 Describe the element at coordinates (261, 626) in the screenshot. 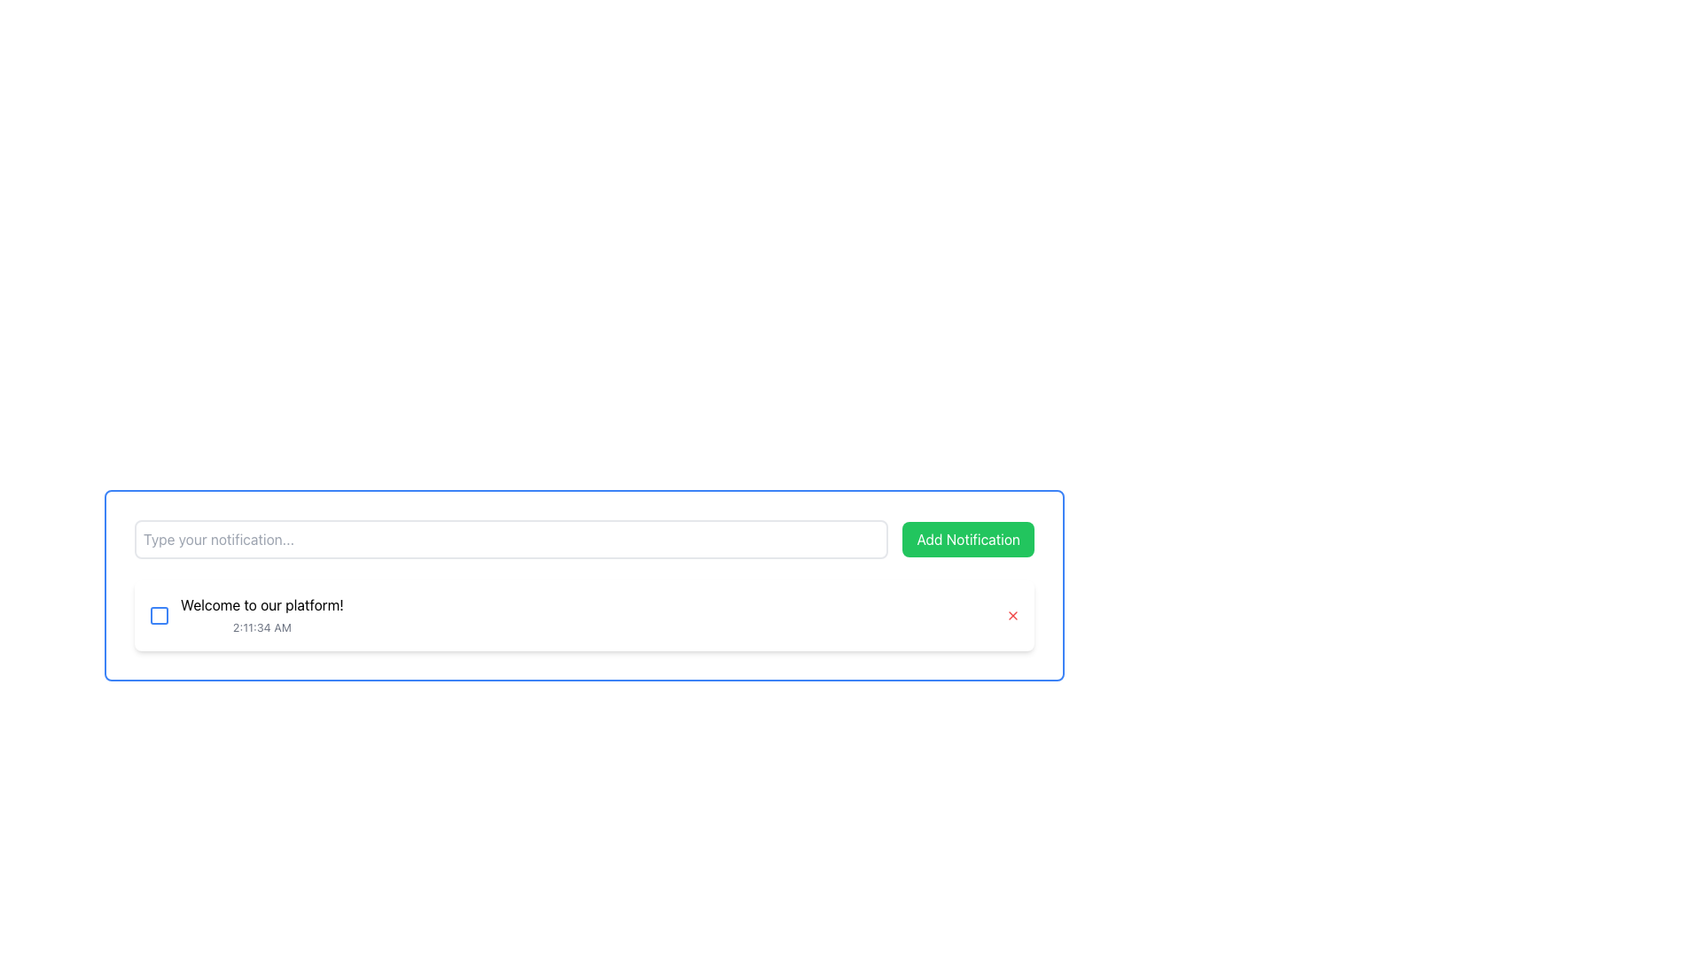

I see `text displaying the time '2:11:34 AM' located at the bottom-right corner of the notification card under the title 'Welcome to our platform!'` at that location.